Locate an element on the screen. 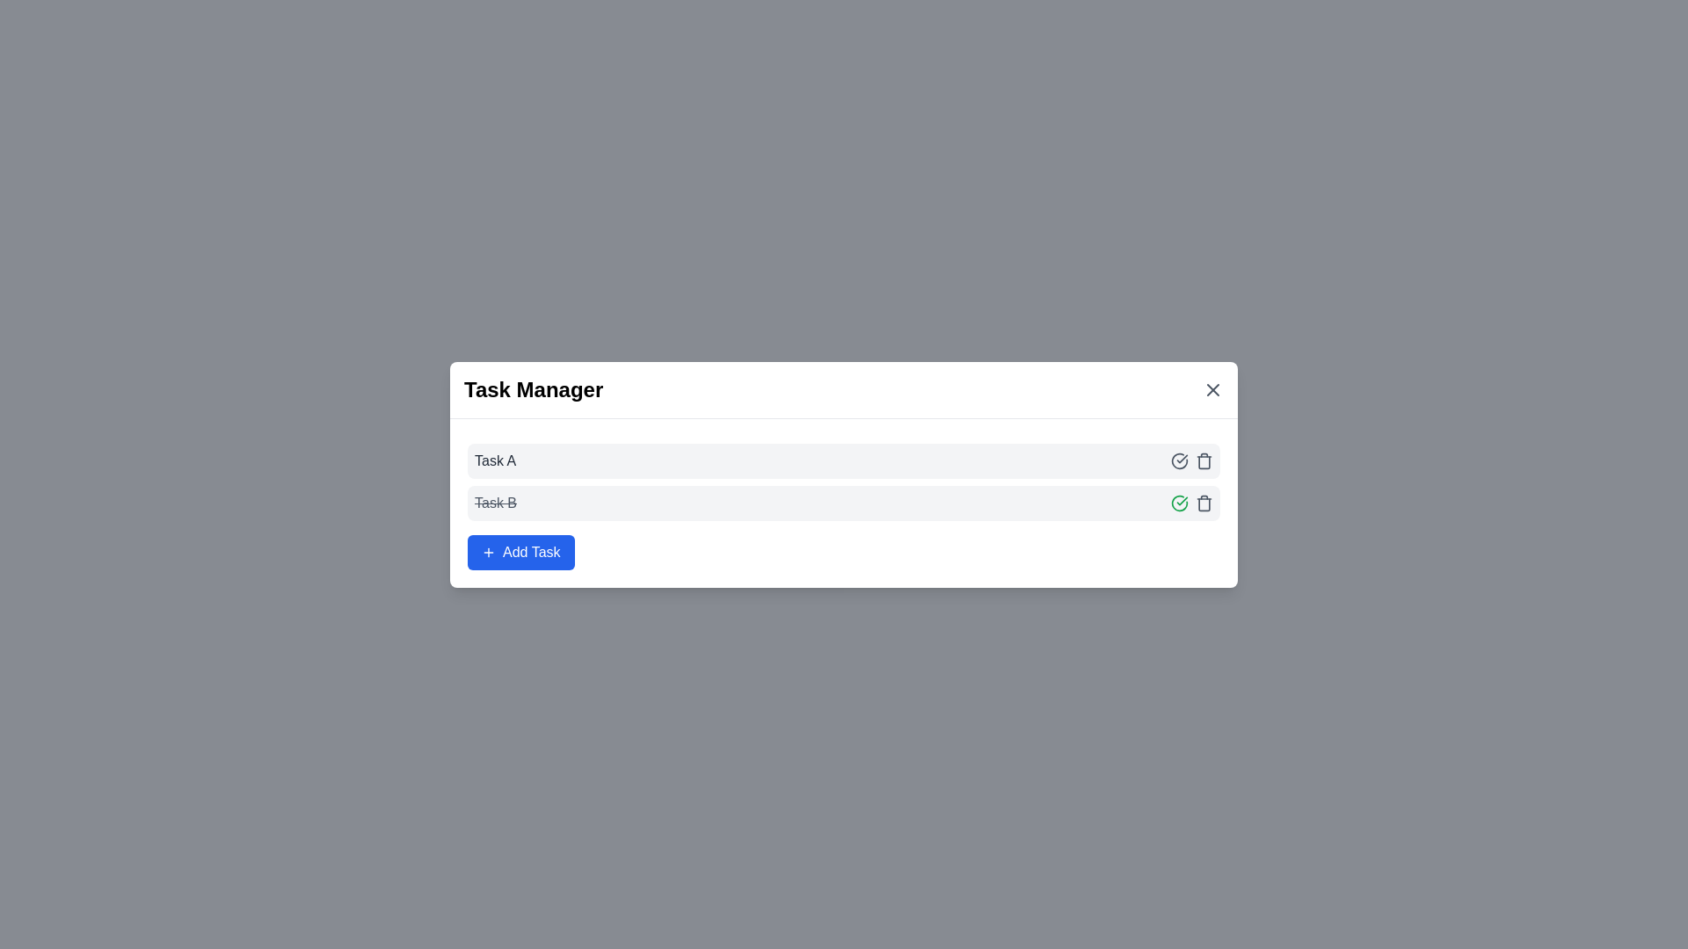  the delete button located in the top-right corner of the task labeled 'Task A' to change its color as a visual cue is located at coordinates (1203, 460).